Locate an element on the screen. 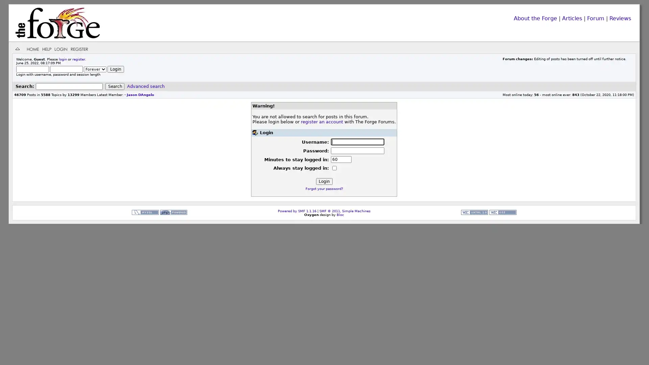  Search is located at coordinates (115, 86).